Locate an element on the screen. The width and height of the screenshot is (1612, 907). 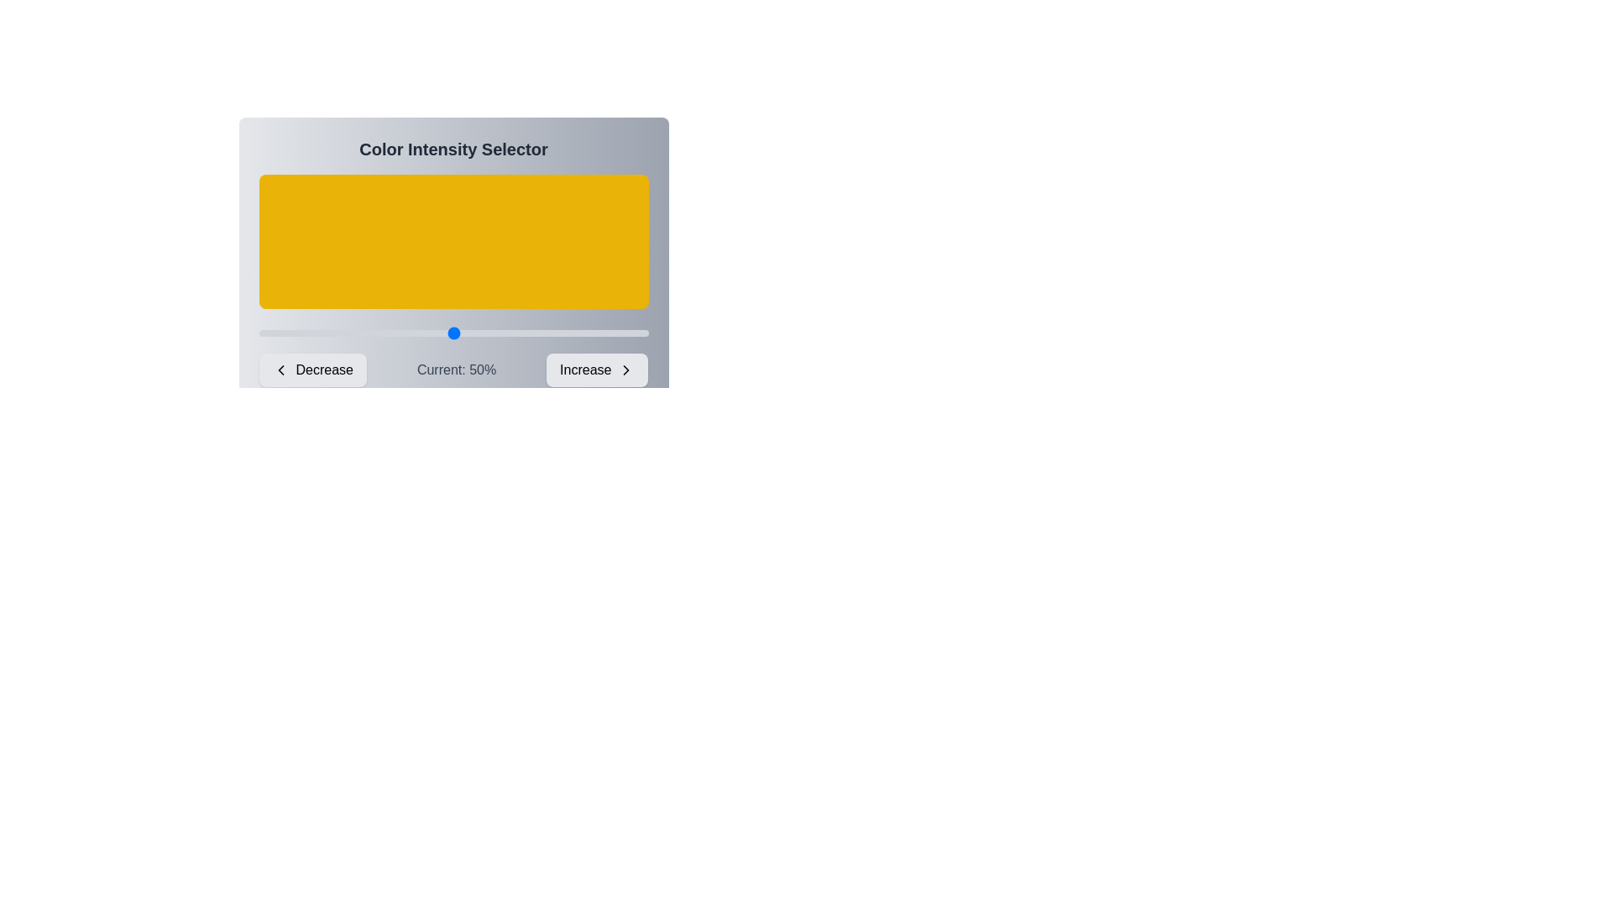
color intensity is located at coordinates (586, 333).